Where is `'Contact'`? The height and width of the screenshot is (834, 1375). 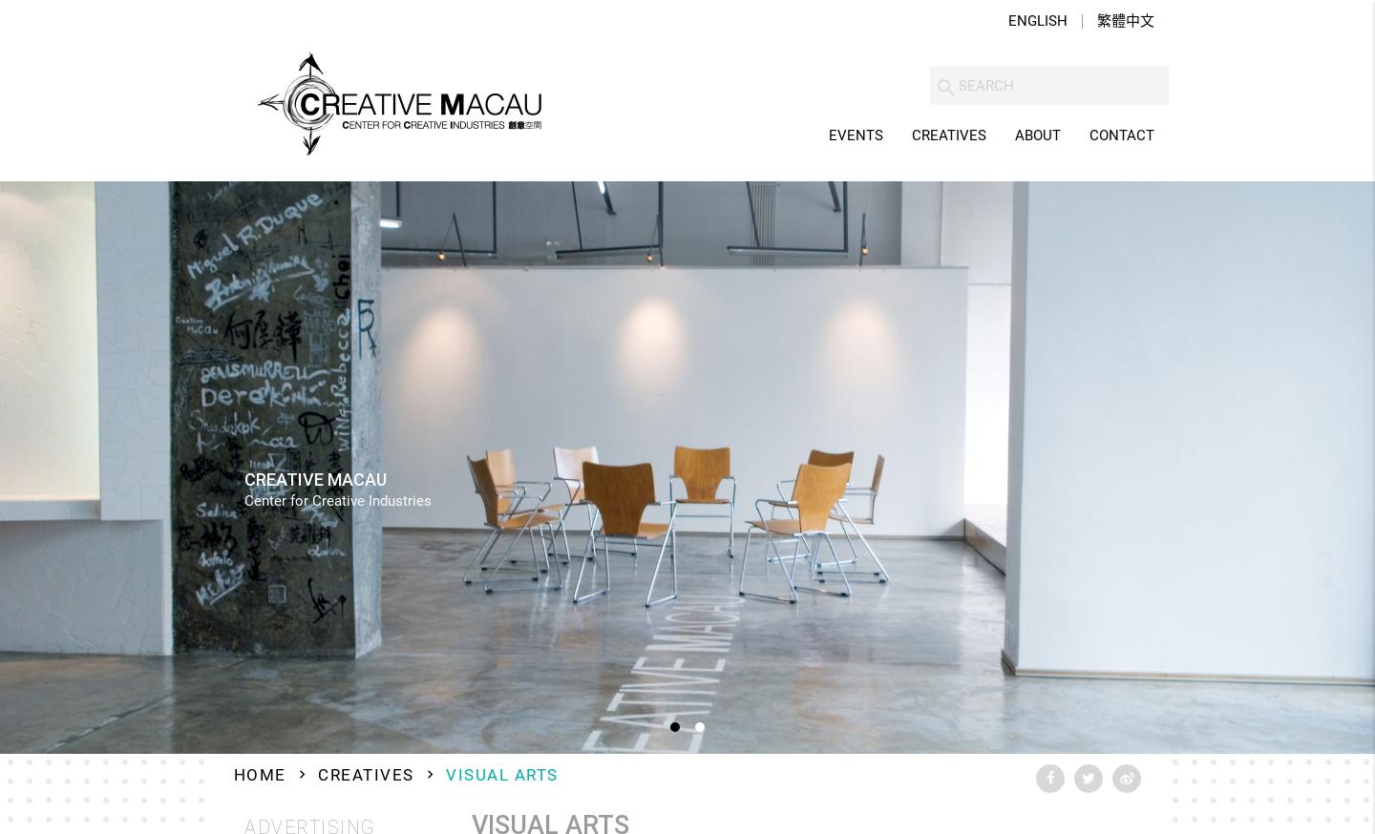
'Contact' is located at coordinates (1122, 136).